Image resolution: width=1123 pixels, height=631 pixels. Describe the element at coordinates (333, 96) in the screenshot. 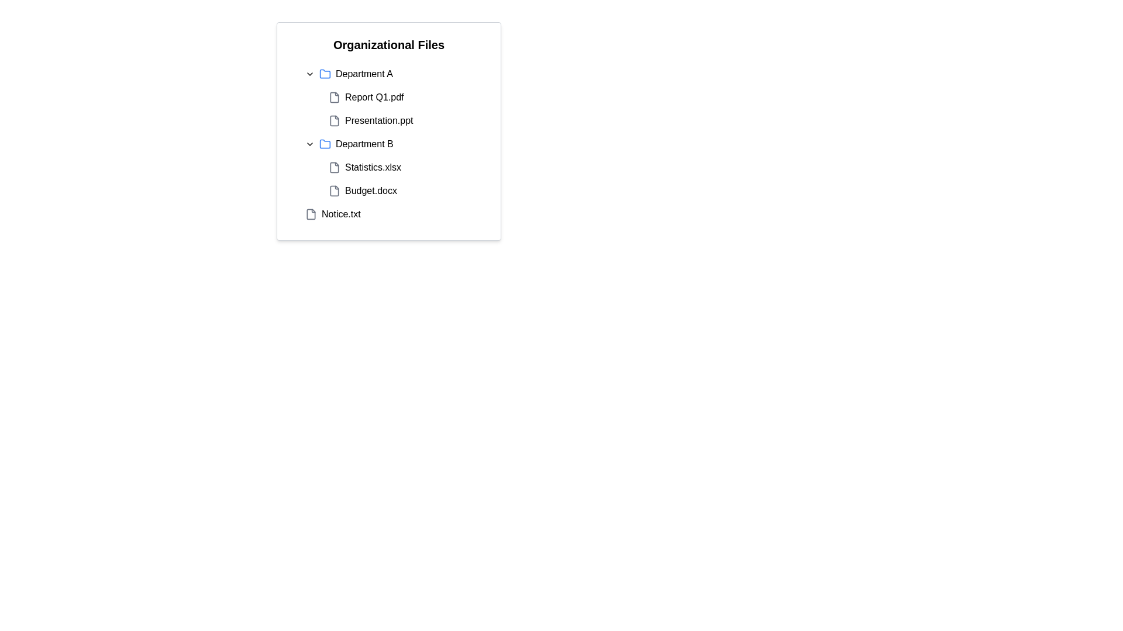

I see `the small gray document file icon located to the left of the text label 'Report Q1.pdf'` at that location.